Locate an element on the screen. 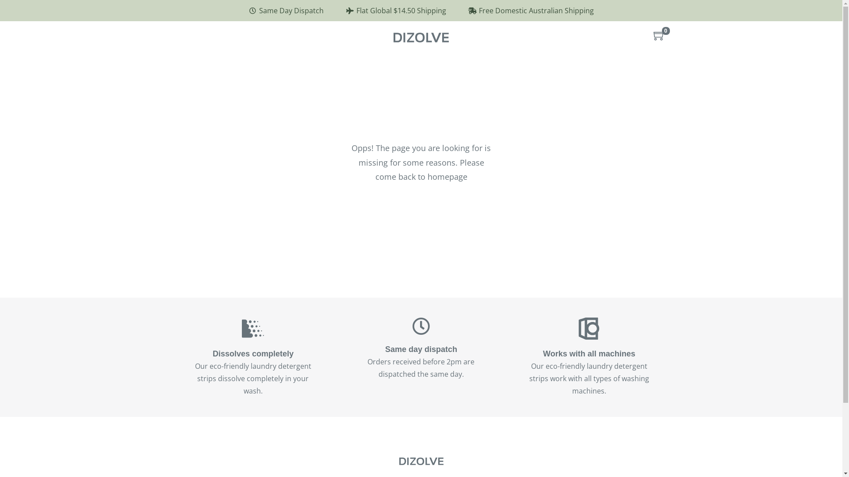 Image resolution: width=849 pixels, height=477 pixels. '0' is located at coordinates (659, 35).